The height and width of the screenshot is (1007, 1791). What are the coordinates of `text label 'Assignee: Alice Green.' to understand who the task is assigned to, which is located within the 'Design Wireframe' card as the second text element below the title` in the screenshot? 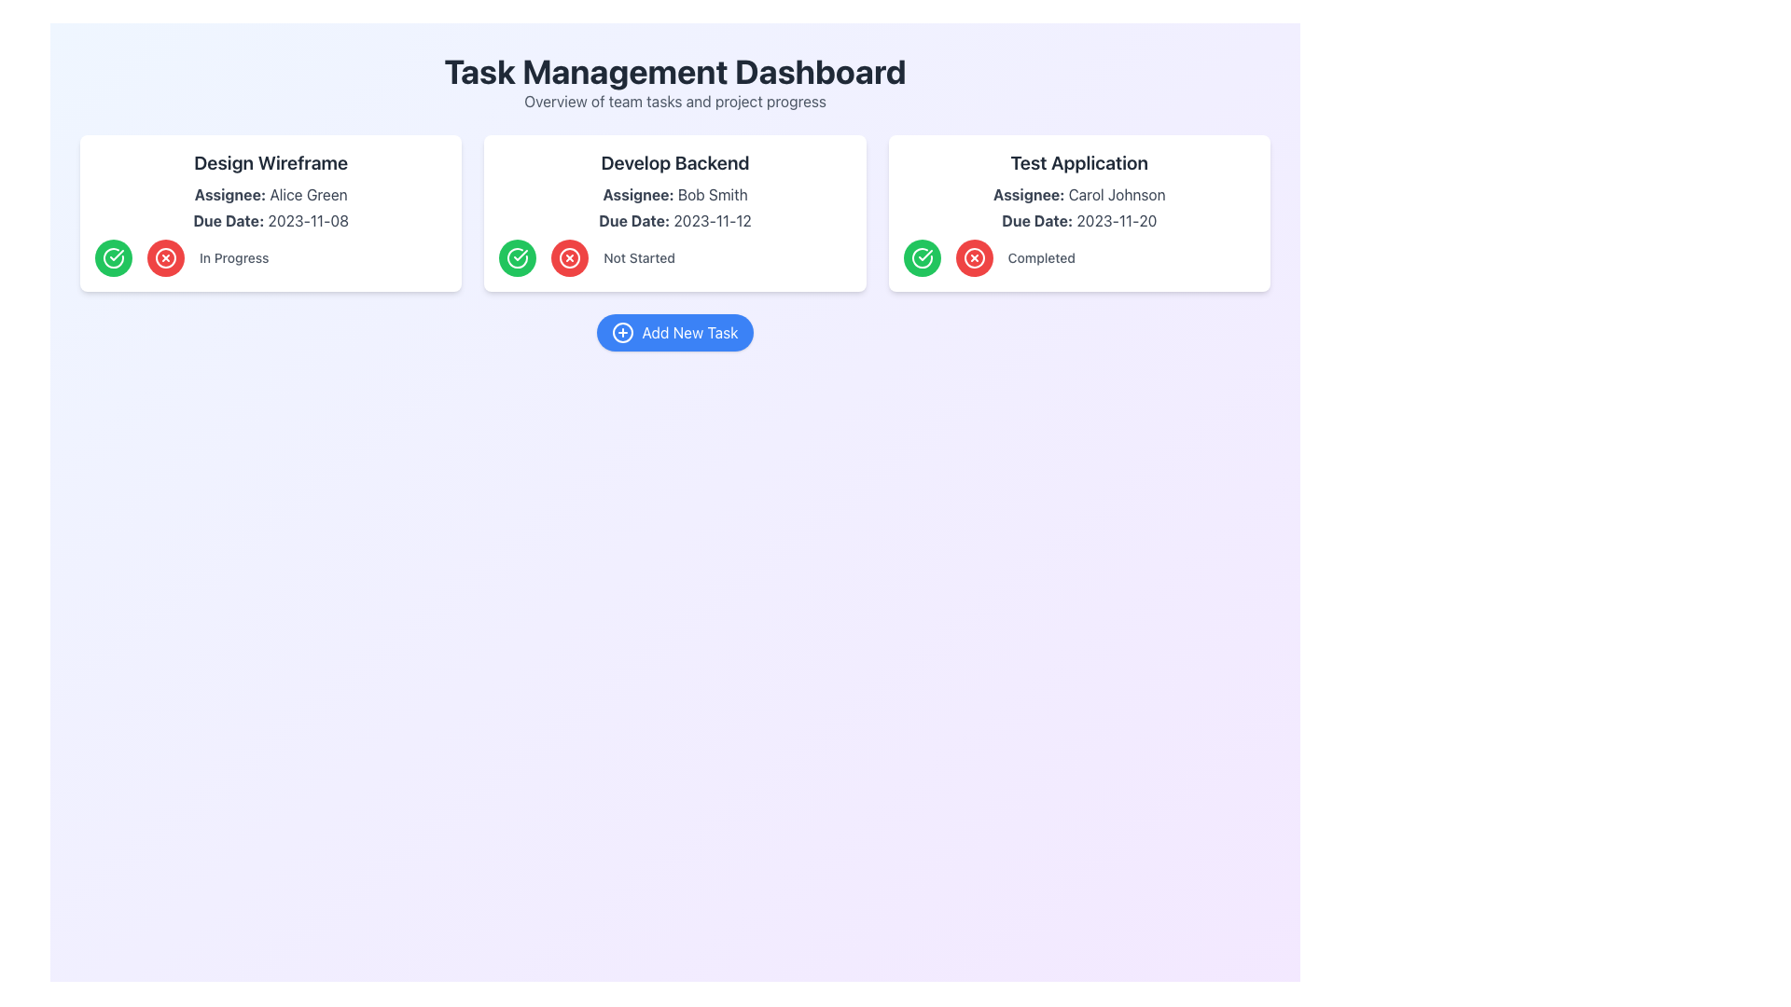 It's located at (270, 194).